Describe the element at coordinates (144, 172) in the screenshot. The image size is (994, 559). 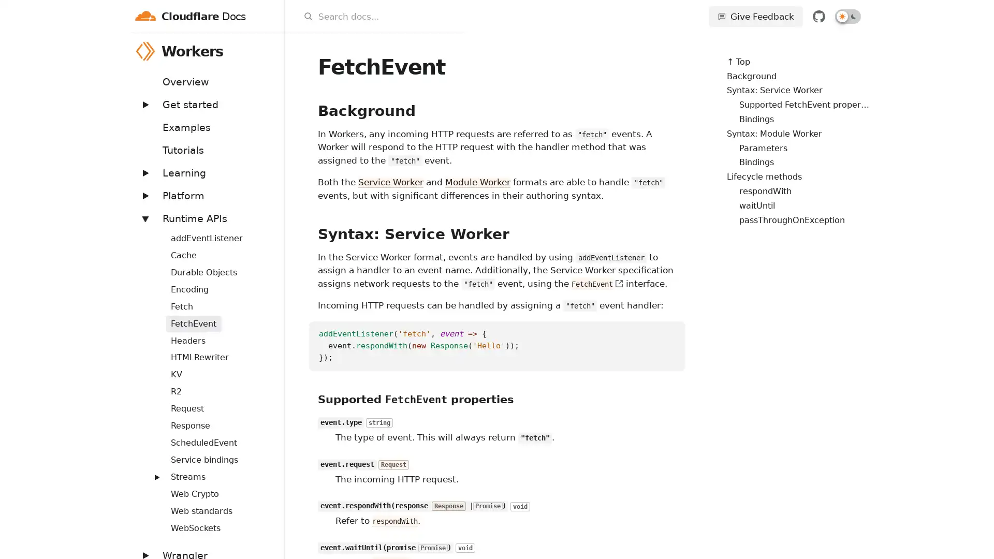
I see `Expand: Learning` at that location.